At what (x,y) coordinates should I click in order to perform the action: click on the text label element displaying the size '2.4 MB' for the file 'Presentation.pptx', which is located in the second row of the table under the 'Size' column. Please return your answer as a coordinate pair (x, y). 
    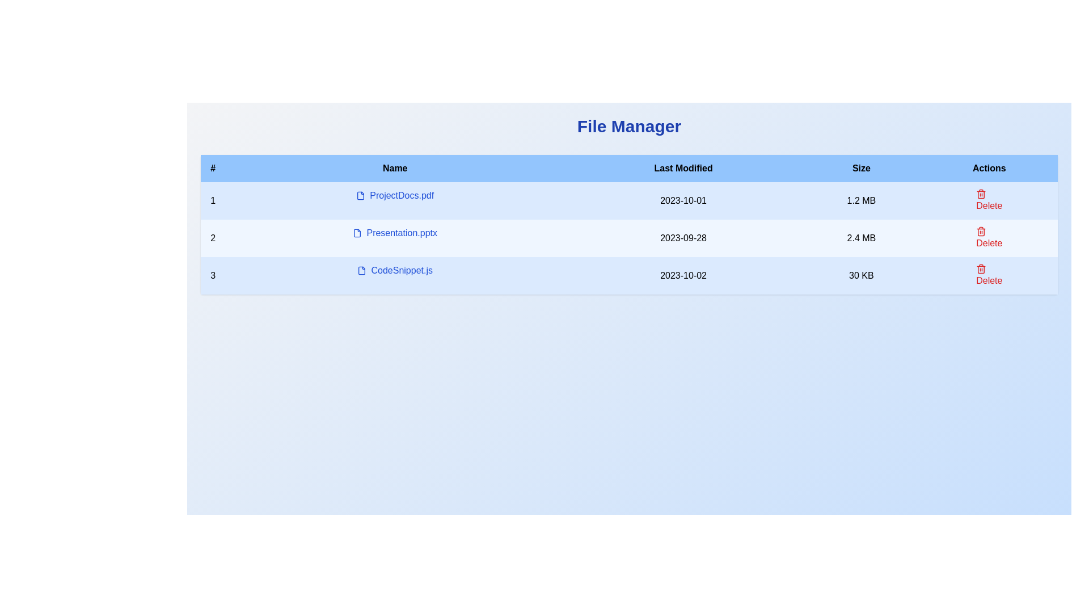
    Looking at the image, I should click on (861, 238).